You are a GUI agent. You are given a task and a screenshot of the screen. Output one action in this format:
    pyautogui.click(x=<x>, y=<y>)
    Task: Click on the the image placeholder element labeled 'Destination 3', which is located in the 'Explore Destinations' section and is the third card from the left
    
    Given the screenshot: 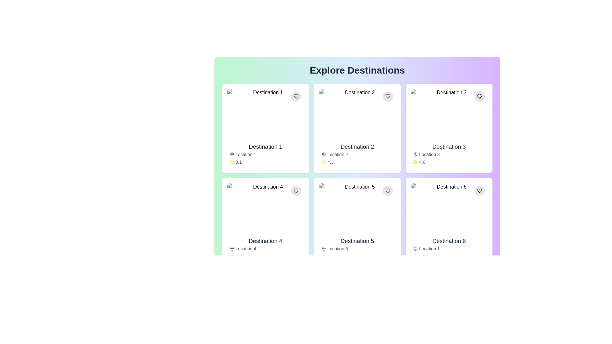 What is the action you would take?
    pyautogui.click(x=449, y=114)
    